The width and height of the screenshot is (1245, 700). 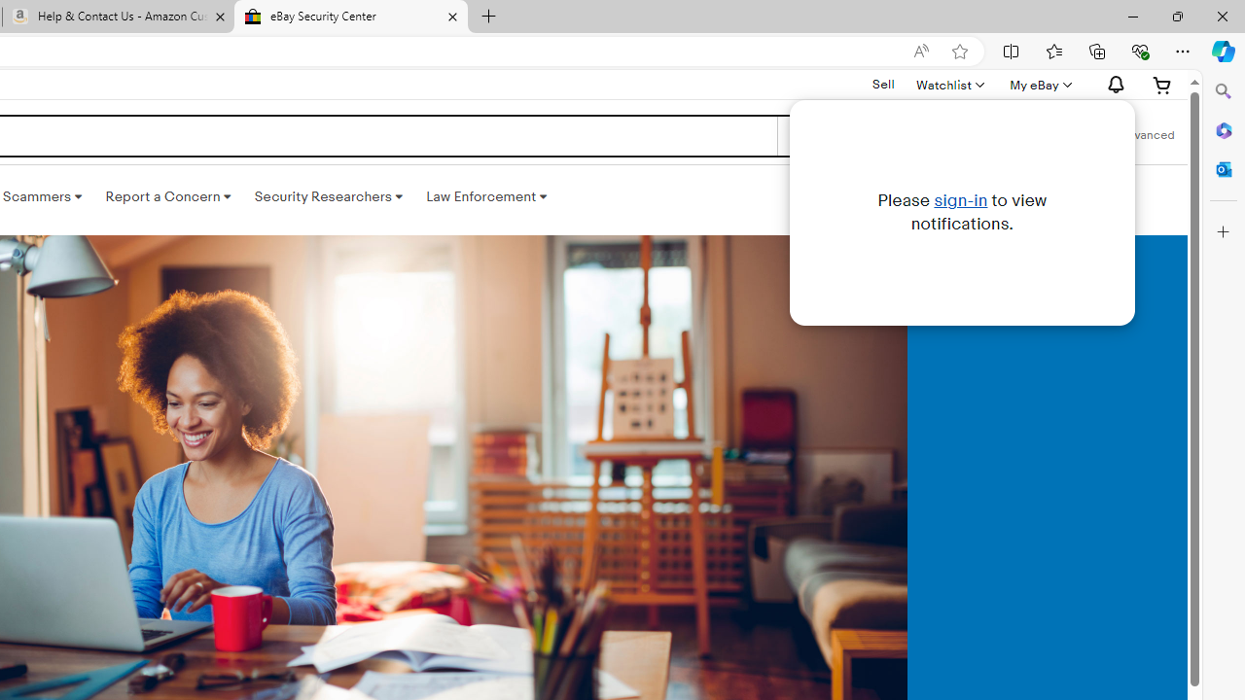 I want to click on 'Your shopping cart', so click(x=1162, y=84).